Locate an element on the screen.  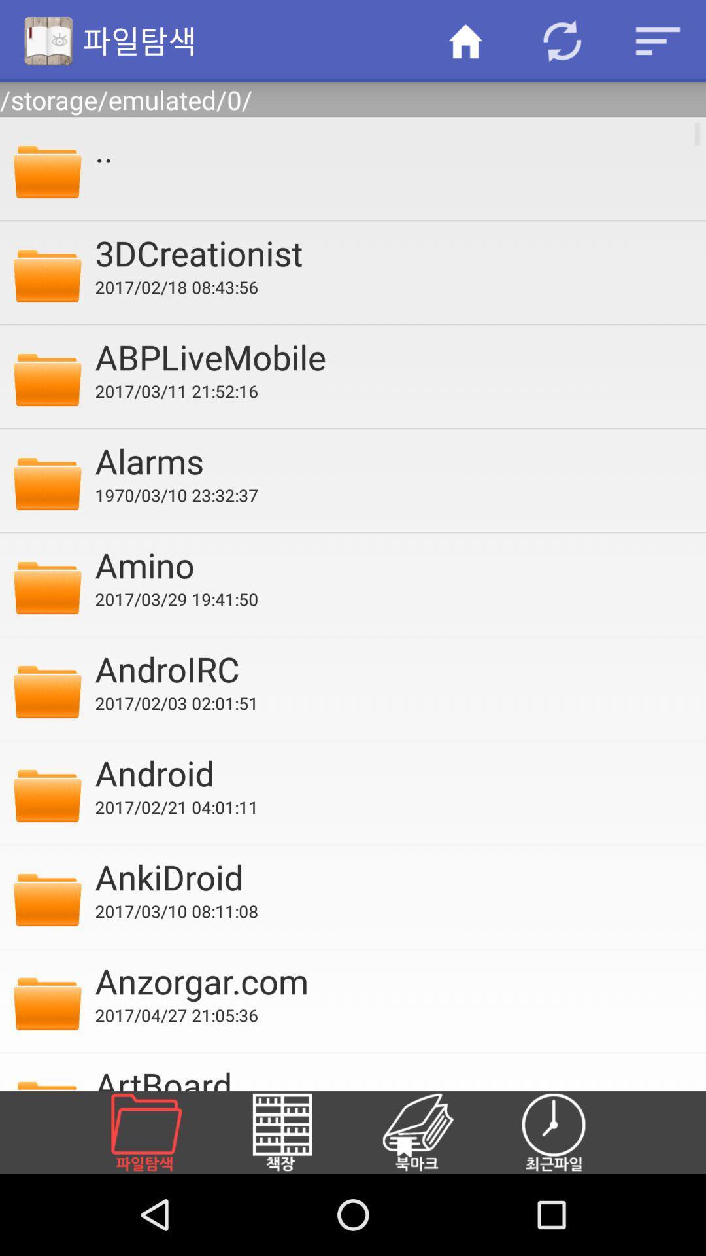
bookmarks is located at coordinates (433, 1132).